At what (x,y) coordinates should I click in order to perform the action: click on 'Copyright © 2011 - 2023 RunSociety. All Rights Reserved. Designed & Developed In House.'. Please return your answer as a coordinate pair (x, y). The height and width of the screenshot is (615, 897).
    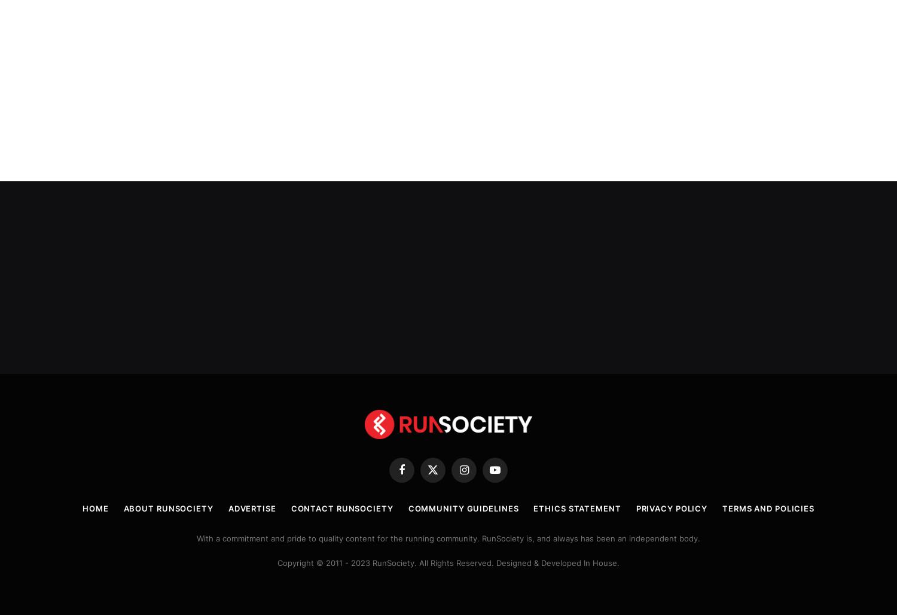
    Looking at the image, I should click on (276, 561).